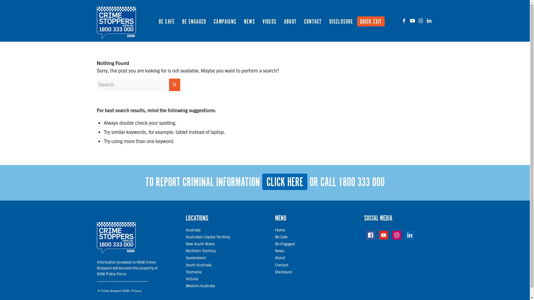 The width and height of the screenshot is (534, 300). I want to click on 'ABOUT', so click(290, 20).